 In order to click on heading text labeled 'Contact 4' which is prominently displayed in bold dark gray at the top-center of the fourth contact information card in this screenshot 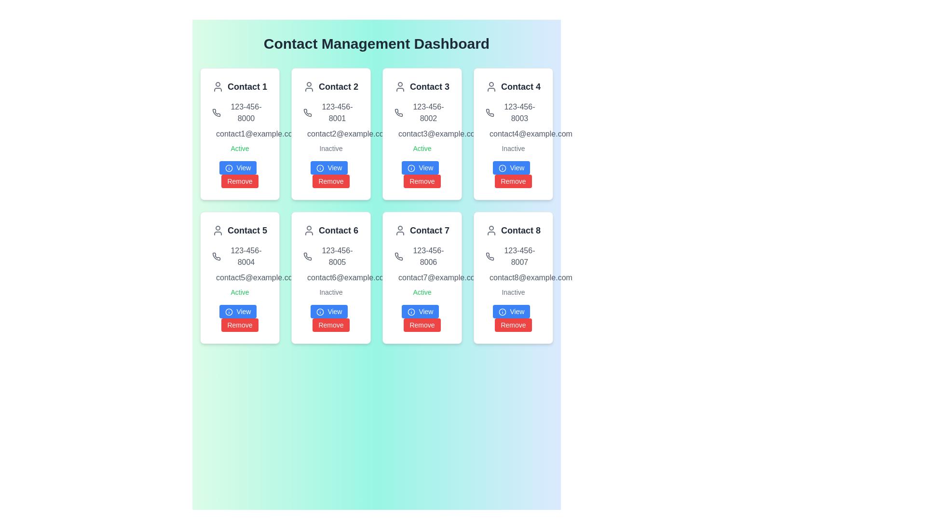, I will do `click(520, 87)`.